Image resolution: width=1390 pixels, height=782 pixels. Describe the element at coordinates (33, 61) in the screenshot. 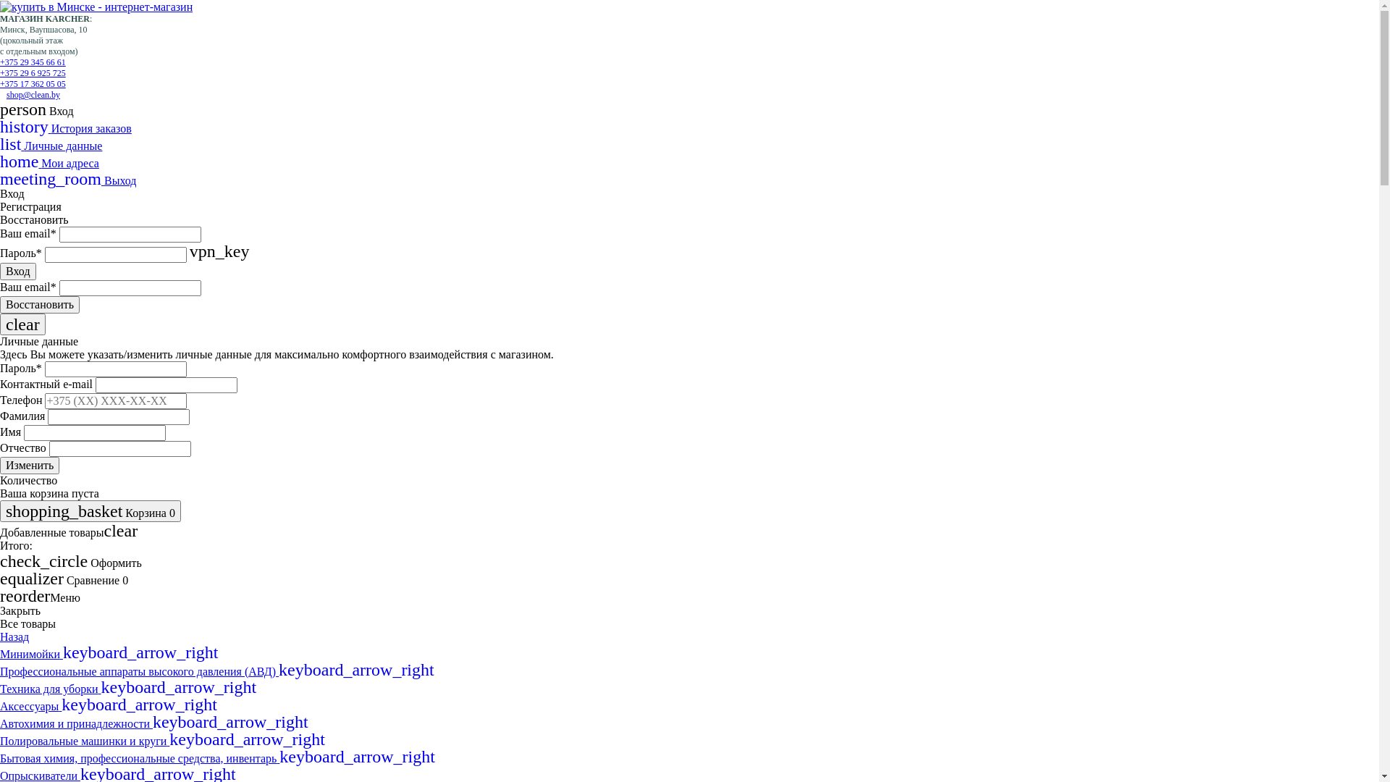

I see `'+375 29 345 66 61'` at that location.